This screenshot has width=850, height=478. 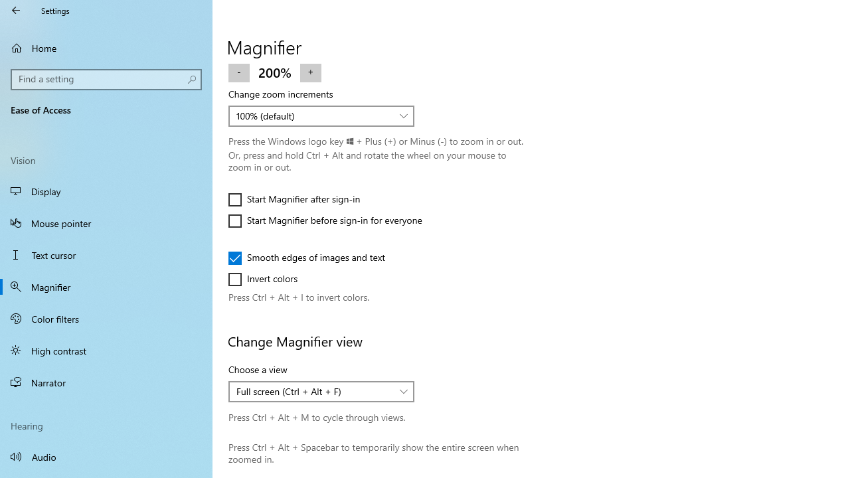 What do you see at coordinates (309, 72) in the screenshot?
I see `'Zoom in'` at bounding box center [309, 72].